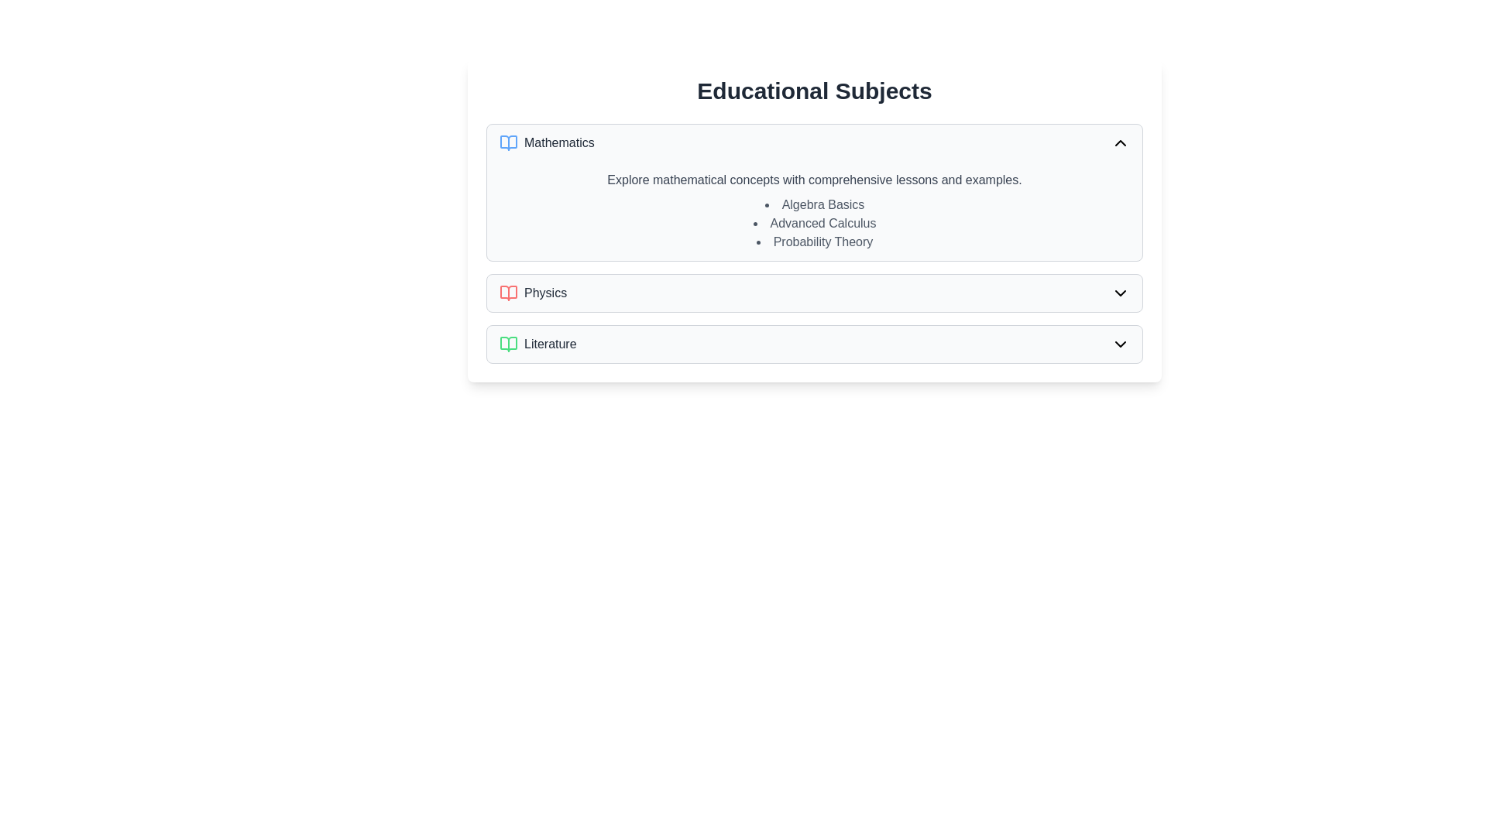 The image size is (1487, 836). I want to click on blue open book SVG icon located to the left of the 'Mathematics' label in the 'Educational Subjects' section using developer tools, so click(509, 143).